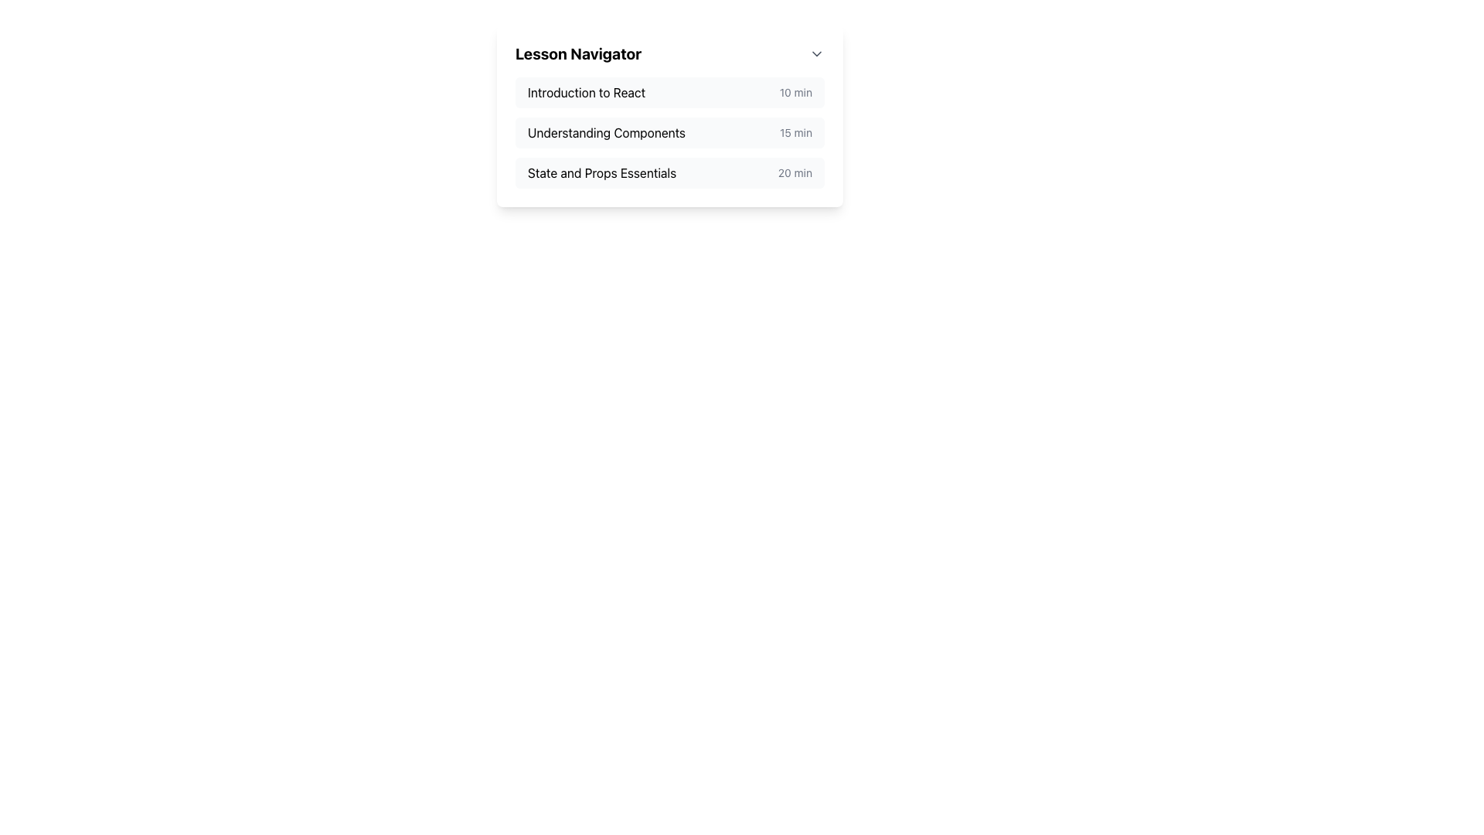 The image size is (1484, 835). Describe the element at coordinates (815, 53) in the screenshot. I see `the Dropdown toggle button associated with the 'Lesson Navigator' section to change the icon's color` at that location.